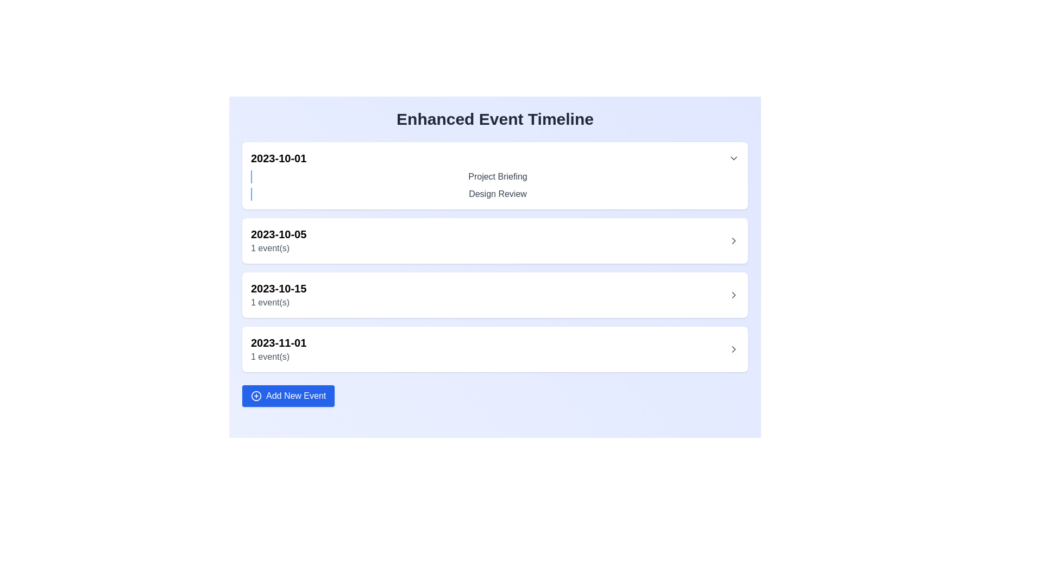 The width and height of the screenshot is (1043, 586). Describe the element at coordinates (733, 295) in the screenshot. I see `the rightward-pointing chevron arrow icon located on the far right of the entry for '2023-10-15' in the timeline` at that location.